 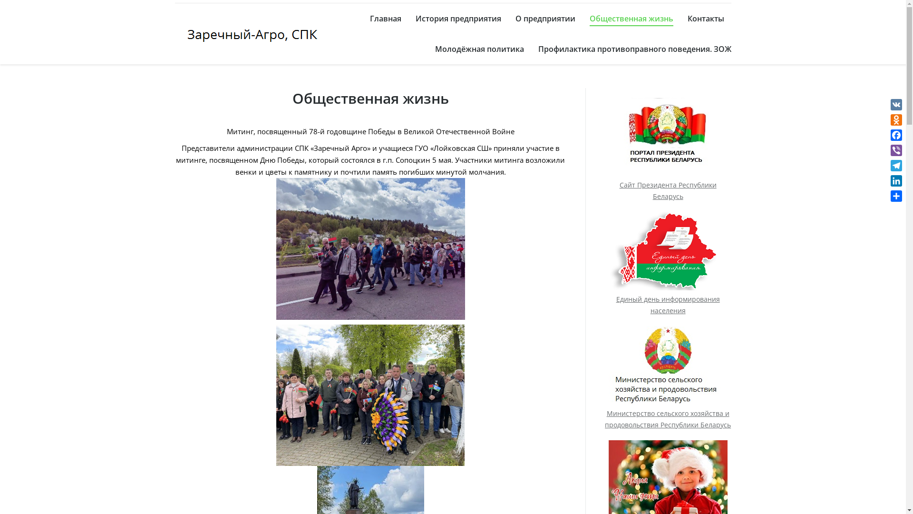 I want to click on 'Telegram', so click(x=896, y=165).